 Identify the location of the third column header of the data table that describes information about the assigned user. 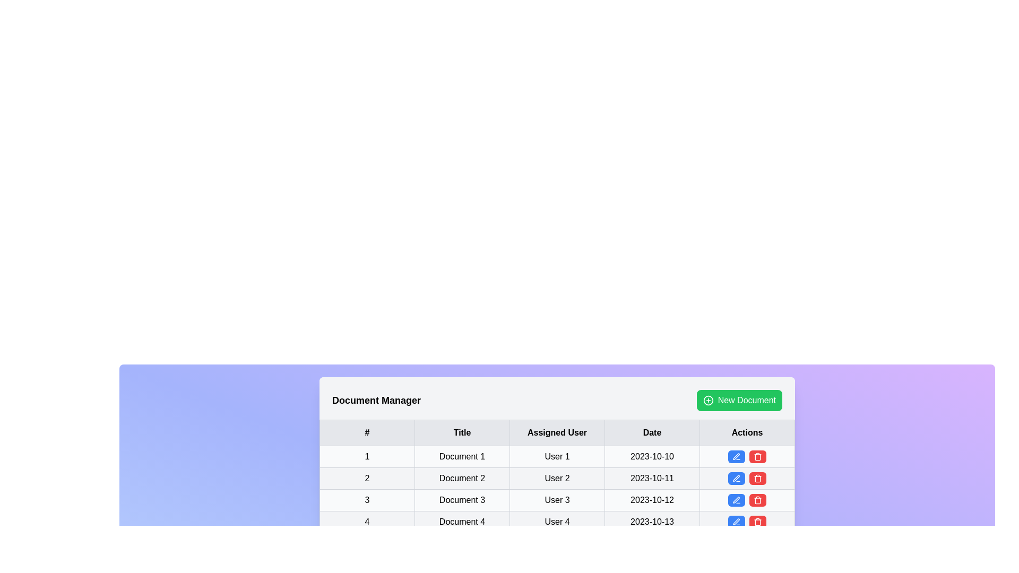
(557, 433).